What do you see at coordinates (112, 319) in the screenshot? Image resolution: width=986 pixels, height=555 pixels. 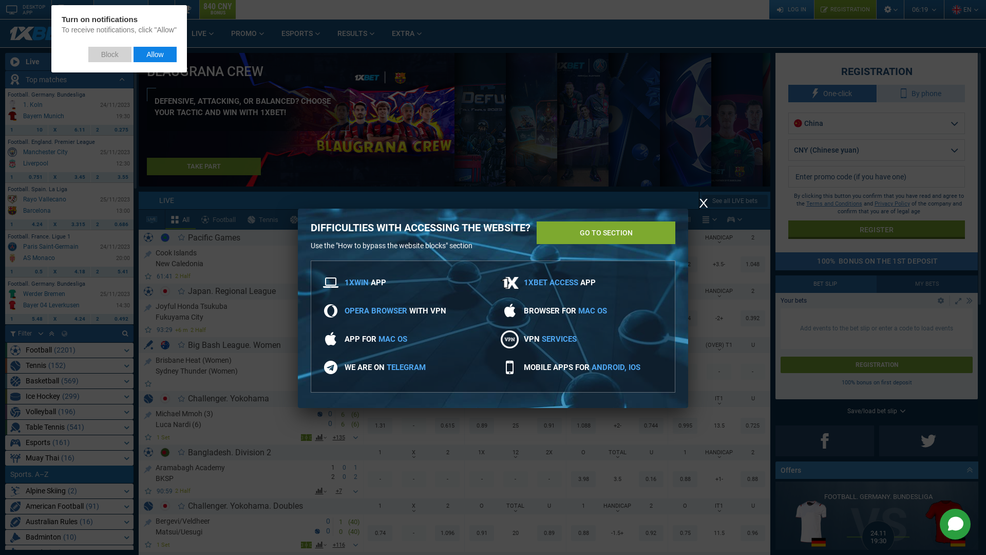 I see `'2` at bounding box center [112, 319].